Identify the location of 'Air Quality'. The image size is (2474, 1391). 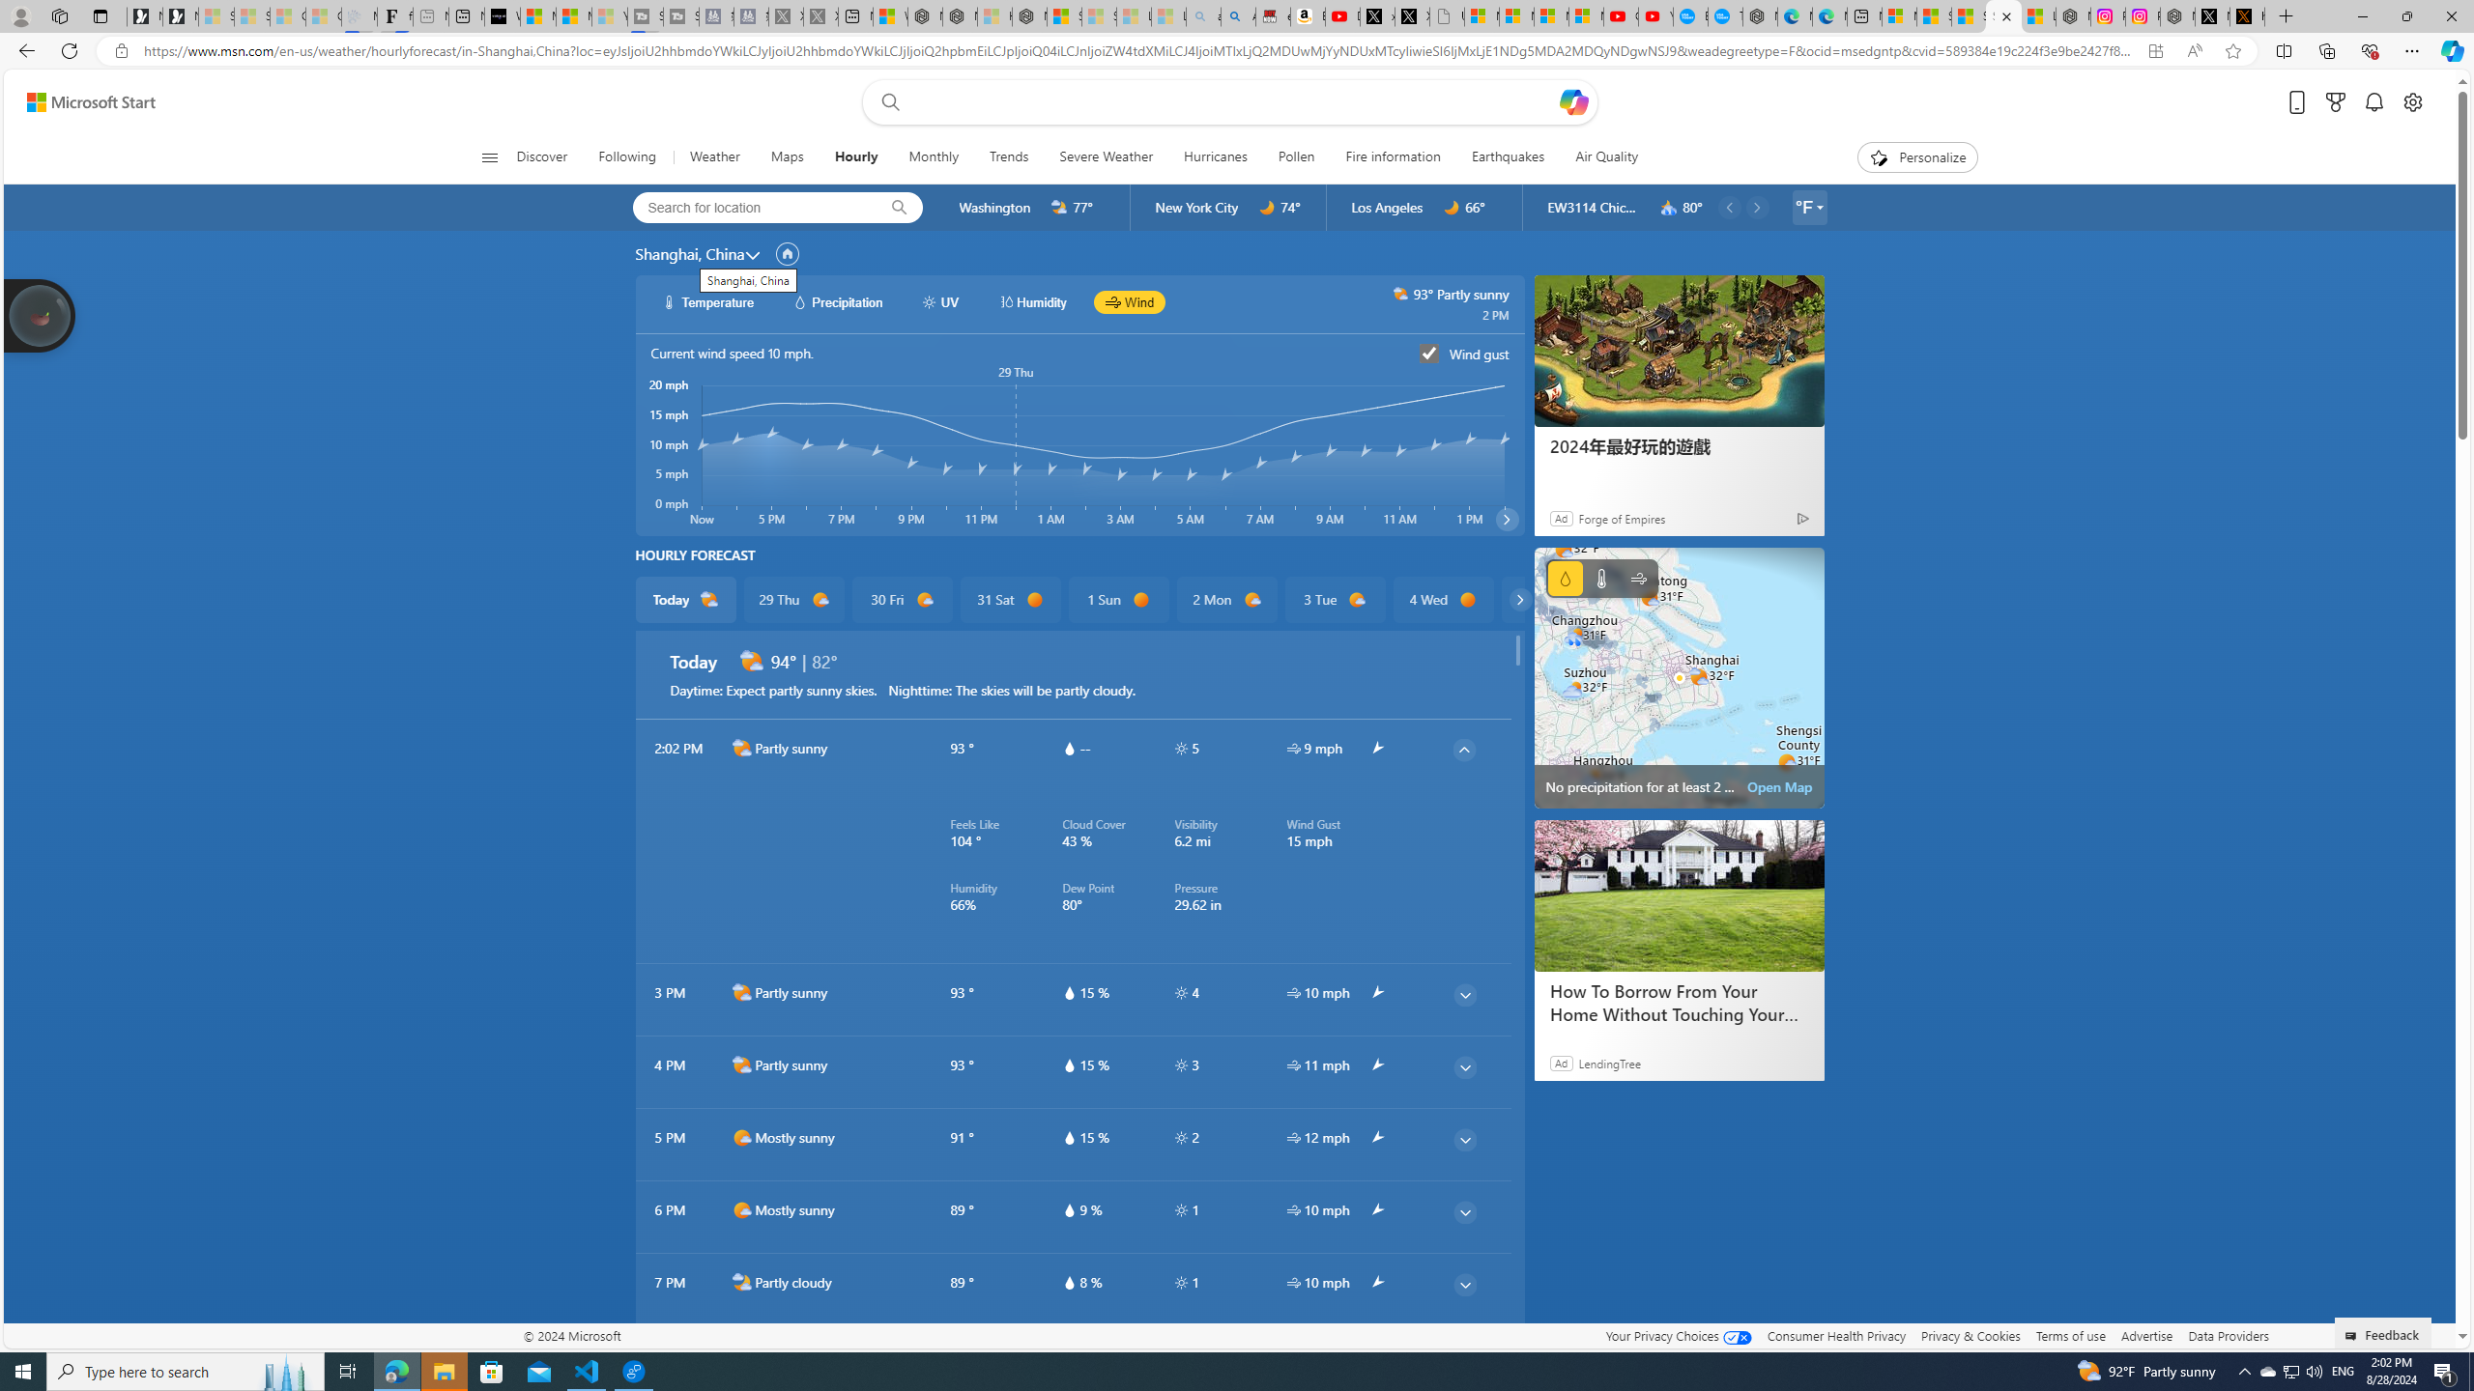
(1606, 156).